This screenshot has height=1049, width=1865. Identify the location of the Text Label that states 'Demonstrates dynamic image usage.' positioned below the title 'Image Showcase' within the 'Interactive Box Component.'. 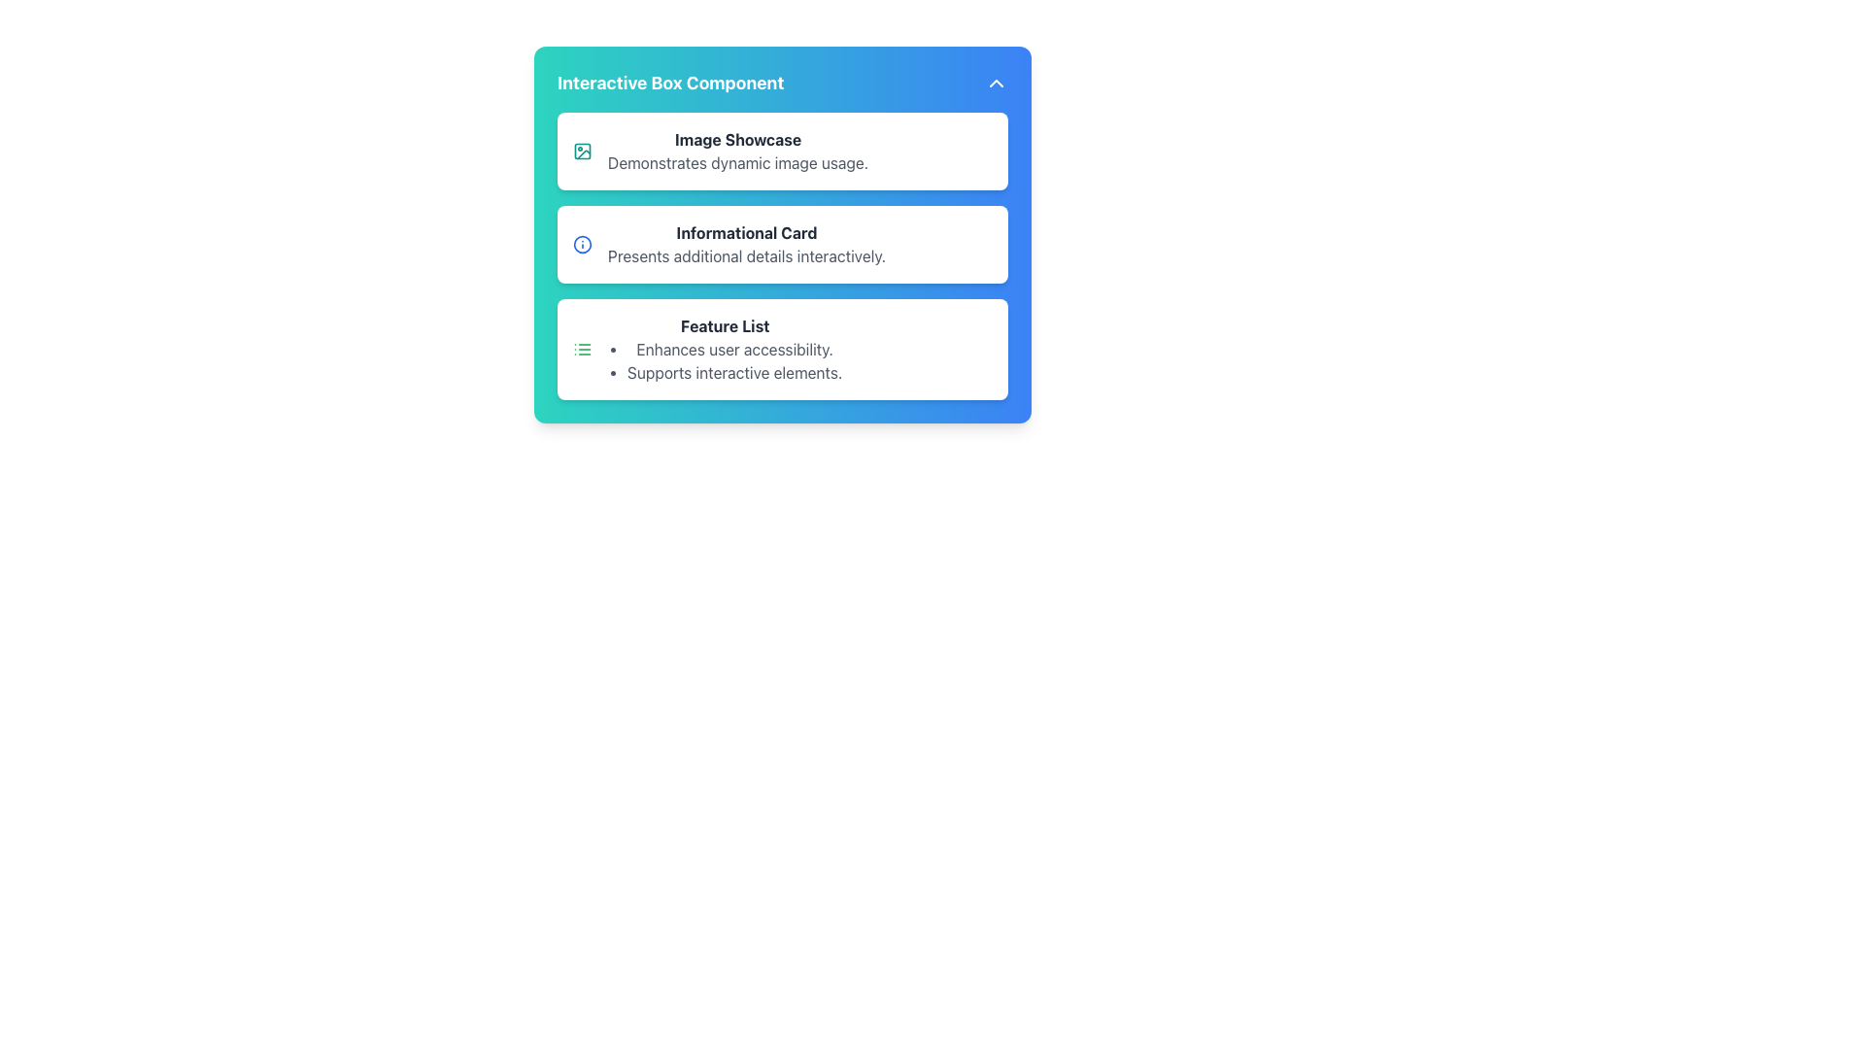
(737, 162).